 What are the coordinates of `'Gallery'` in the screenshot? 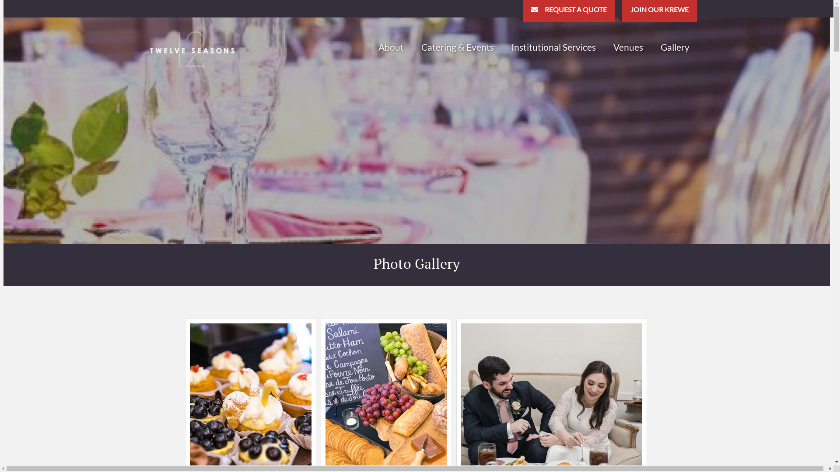 It's located at (674, 47).